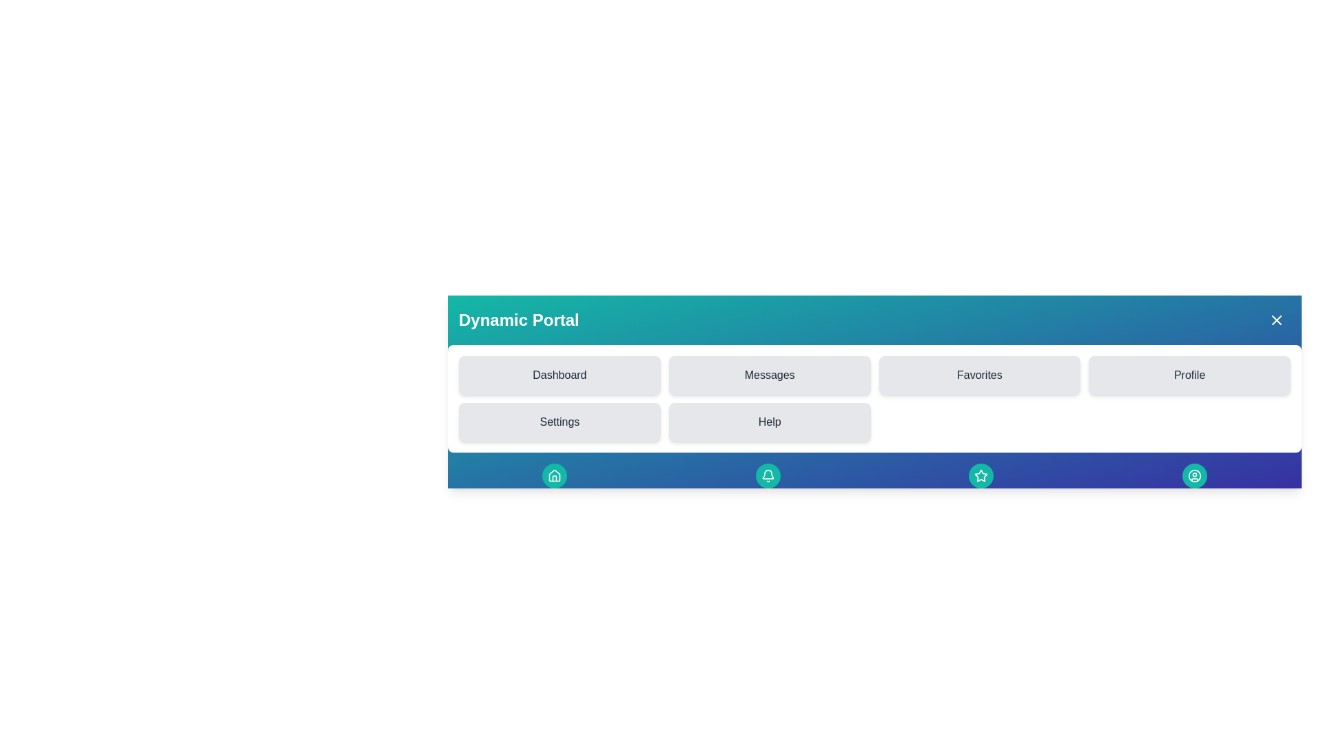  Describe the element at coordinates (978, 375) in the screenshot. I see `the menu item labeled Favorites to navigate to the corresponding section` at that location.